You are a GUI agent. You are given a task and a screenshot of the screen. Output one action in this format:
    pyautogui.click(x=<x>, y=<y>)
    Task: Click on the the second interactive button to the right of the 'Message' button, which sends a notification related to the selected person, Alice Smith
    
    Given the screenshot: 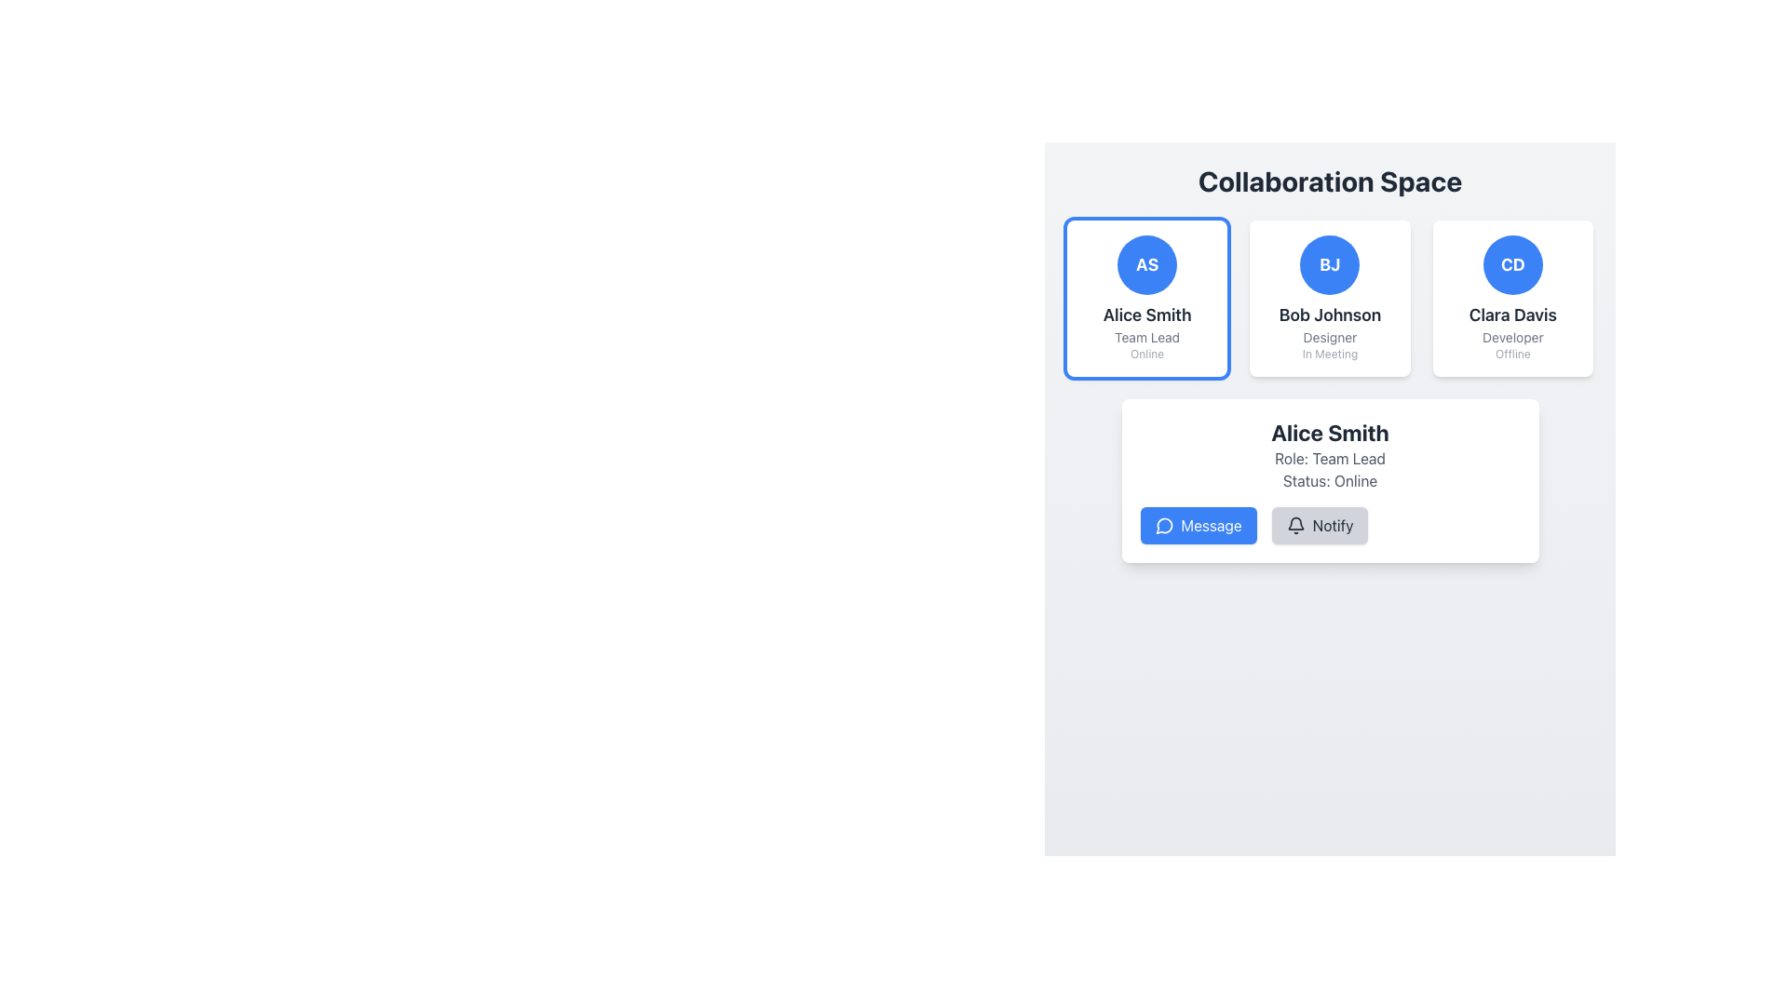 What is the action you would take?
    pyautogui.click(x=1319, y=525)
    